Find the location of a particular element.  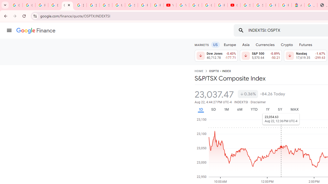

'Create your Google Account' is located at coordinates (208, 5).